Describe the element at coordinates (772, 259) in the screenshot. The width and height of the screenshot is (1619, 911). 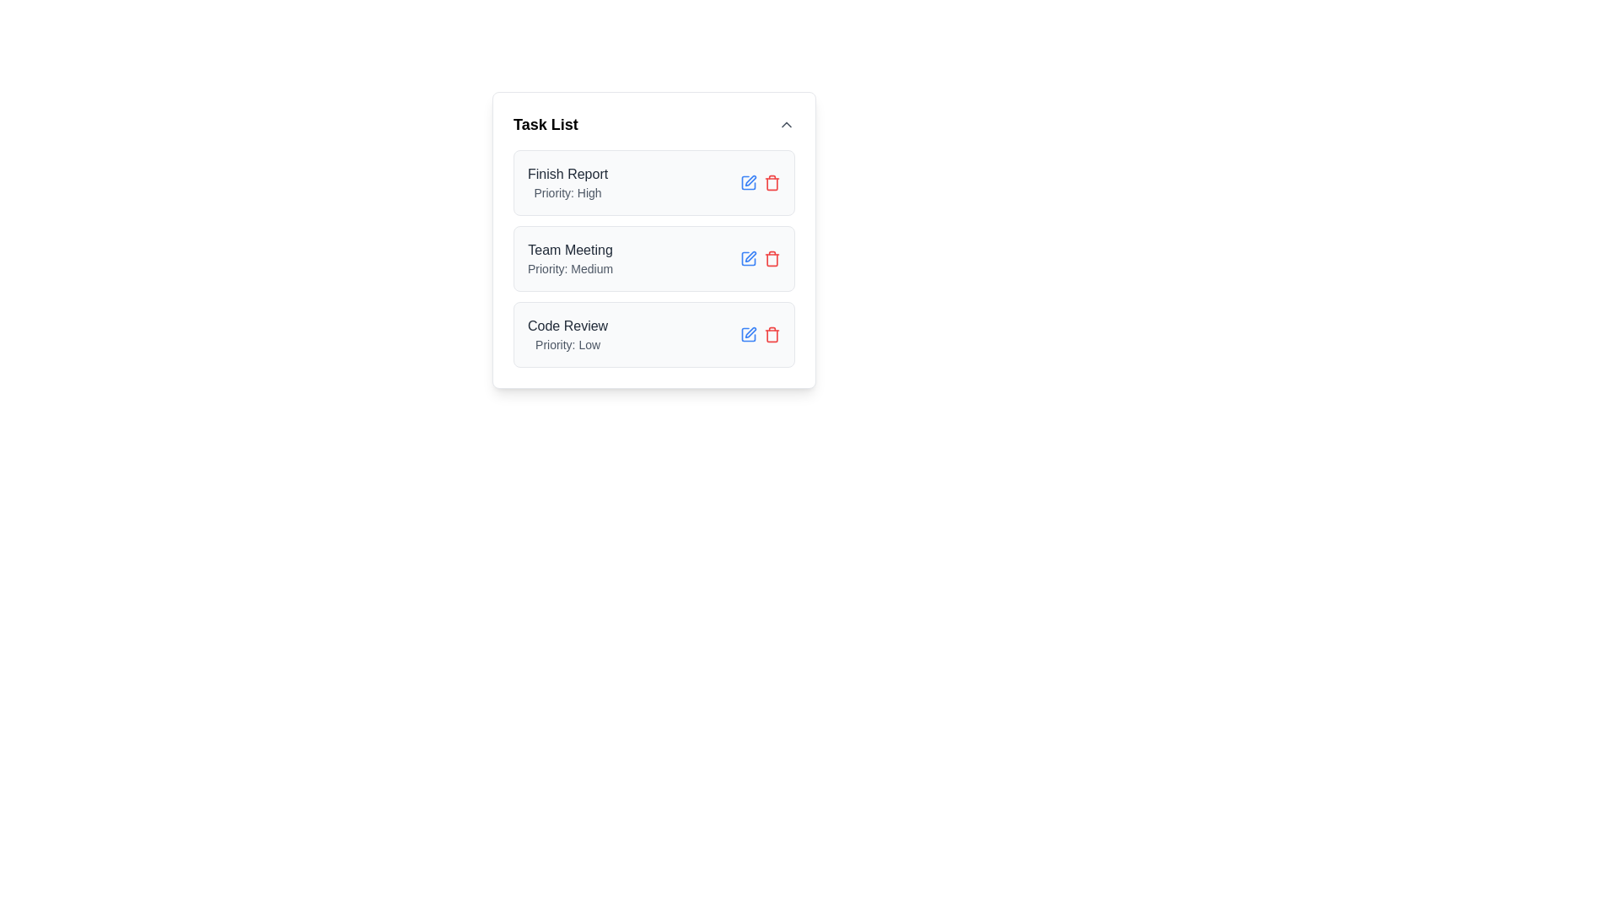
I see `the red trash bin icon located at the far right of the 'Team Meeting' row in the task list` at that location.